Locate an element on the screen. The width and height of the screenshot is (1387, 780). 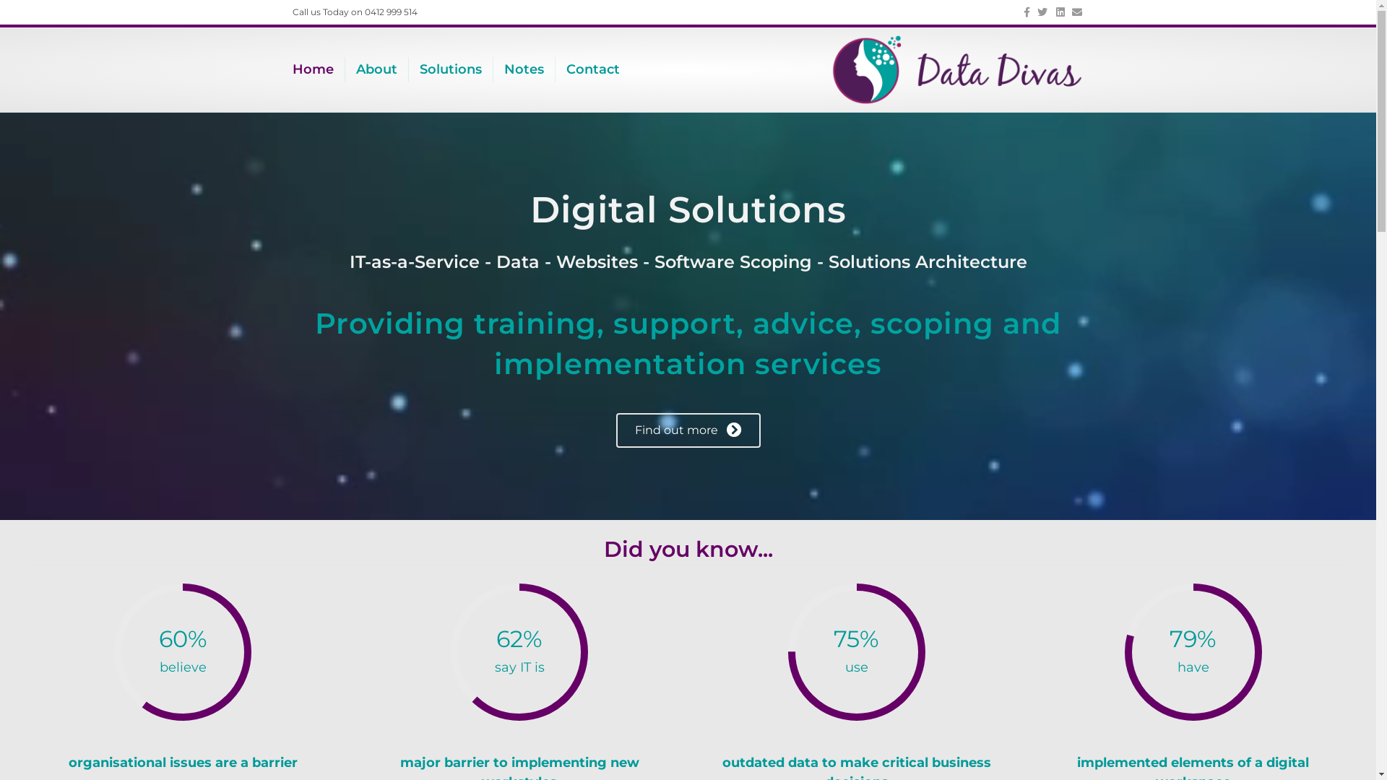
'Contact' is located at coordinates (592, 69).